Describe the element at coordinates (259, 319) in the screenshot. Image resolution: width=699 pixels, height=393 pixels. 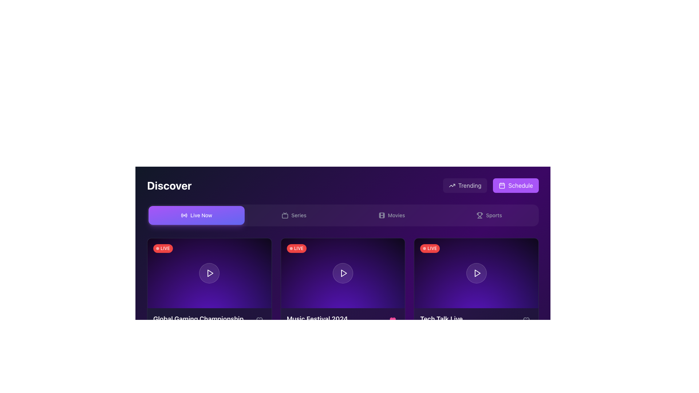
I see `the heart icon within the SVG component located at the bottom-right corner of the 'Music Festival 2024' card, which is styled with a light gray rounded stroke` at that location.